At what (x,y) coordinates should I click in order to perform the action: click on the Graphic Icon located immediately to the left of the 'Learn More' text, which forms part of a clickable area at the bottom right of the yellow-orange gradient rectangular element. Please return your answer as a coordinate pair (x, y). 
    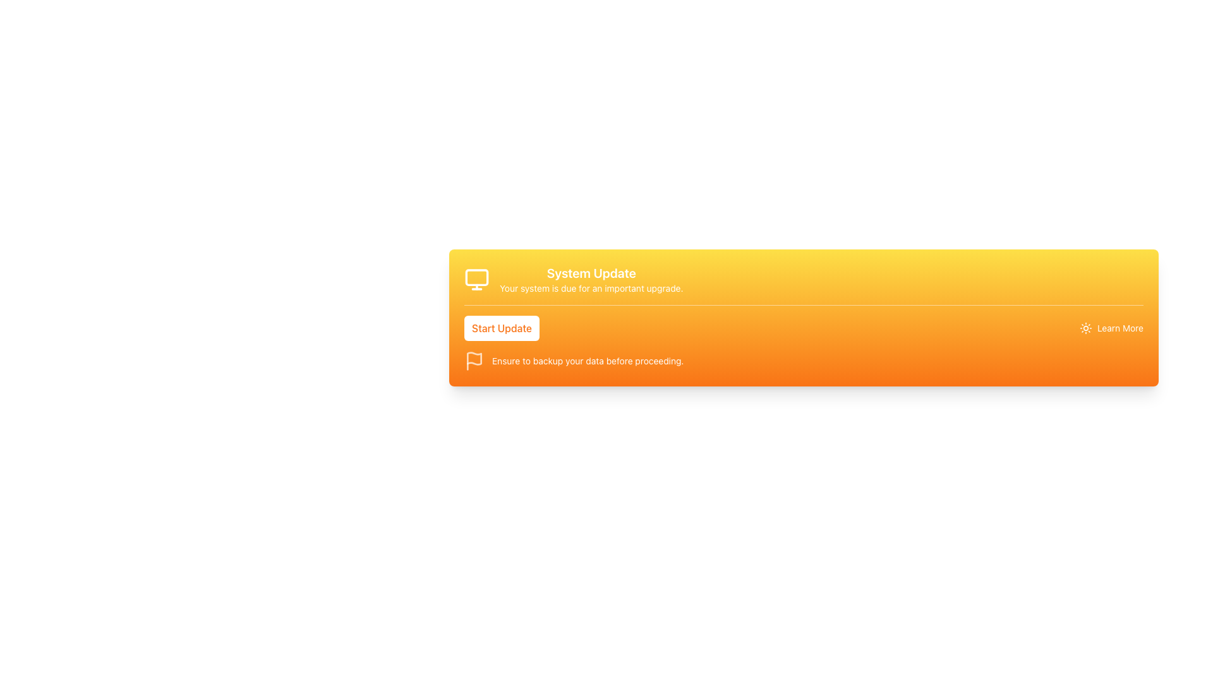
    Looking at the image, I should click on (1085, 328).